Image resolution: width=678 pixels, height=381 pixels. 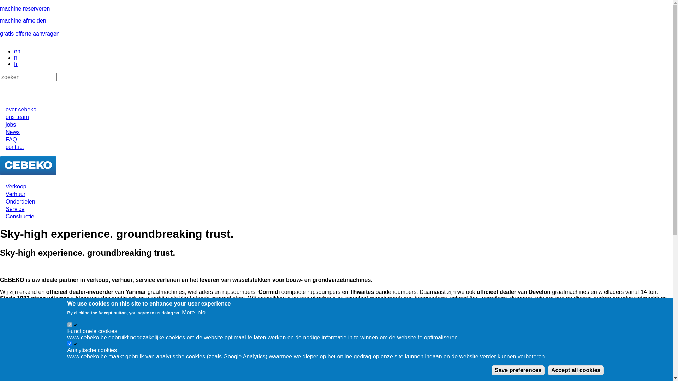 I want to click on 'over cebeko', so click(x=21, y=109).